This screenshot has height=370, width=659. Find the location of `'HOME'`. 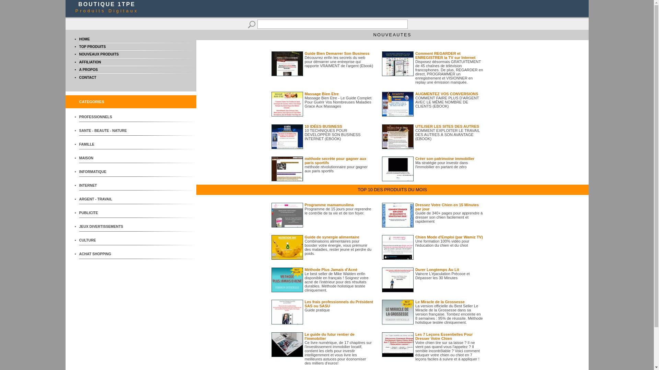

'HOME' is located at coordinates (84, 39).